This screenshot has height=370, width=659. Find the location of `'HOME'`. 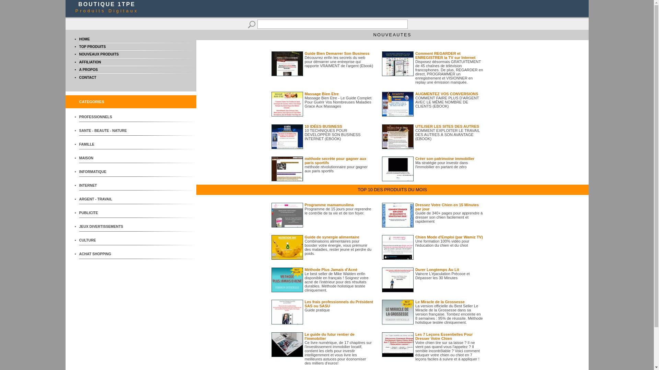

'HOME' is located at coordinates (84, 39).